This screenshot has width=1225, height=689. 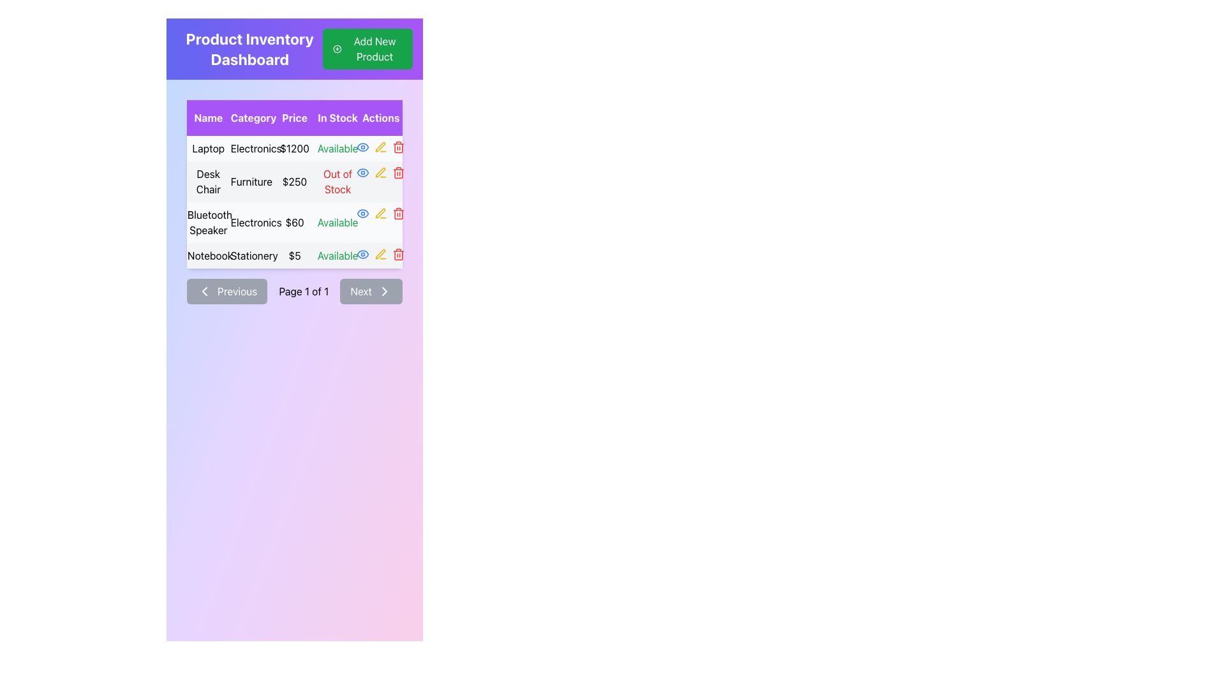 What do you see at coordinates (208, 118) in the screenshot?
I see `text label 'Name' which is the first item in the header row of the table displaying product inventory` at bounding box center [208, 118].